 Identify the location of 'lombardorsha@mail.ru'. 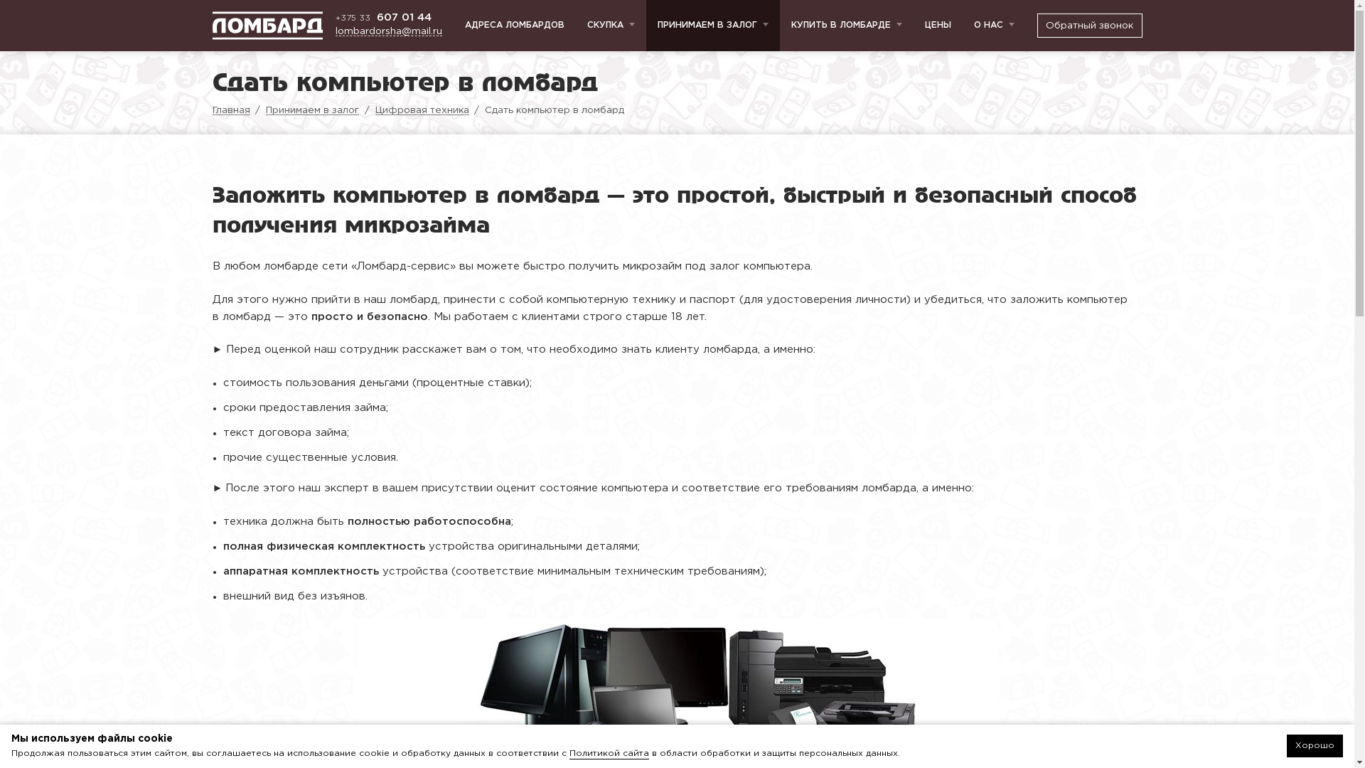
(389, 31).